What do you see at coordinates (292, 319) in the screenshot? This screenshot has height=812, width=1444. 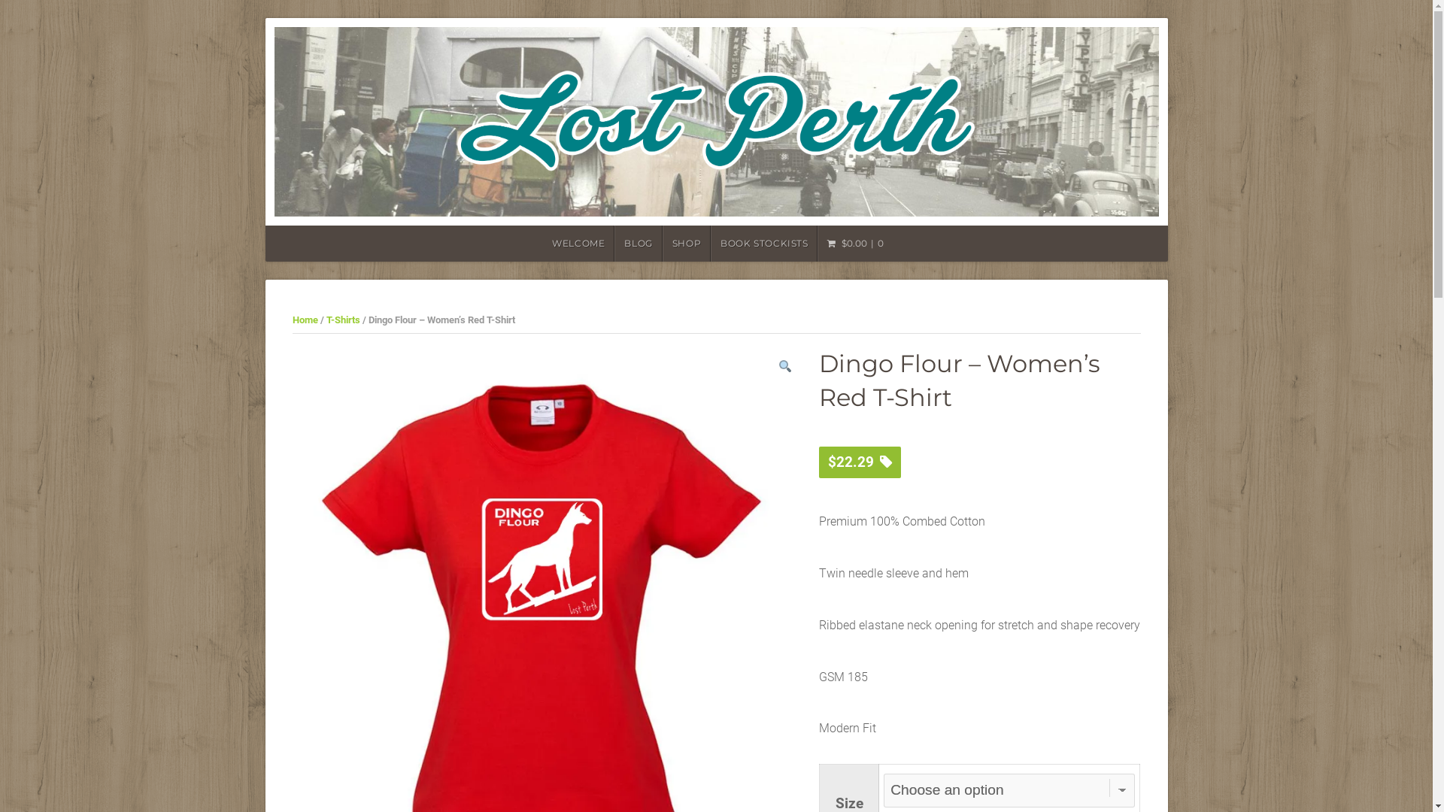 I see `'Home'` at bounding box center [292, 319].